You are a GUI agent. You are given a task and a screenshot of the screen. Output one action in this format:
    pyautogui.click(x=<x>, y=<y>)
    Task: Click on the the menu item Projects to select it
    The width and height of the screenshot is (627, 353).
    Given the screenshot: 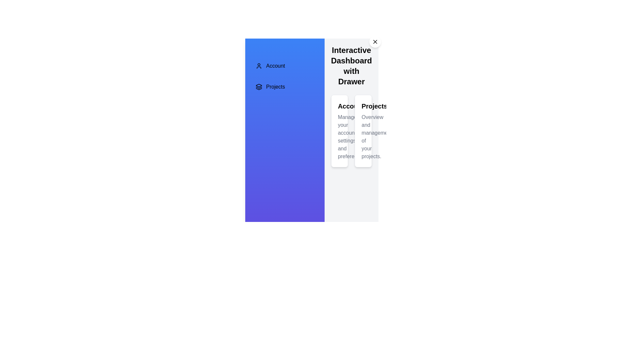 What is the action you would take?
    pyautogui.click(x=285, y=87)
    